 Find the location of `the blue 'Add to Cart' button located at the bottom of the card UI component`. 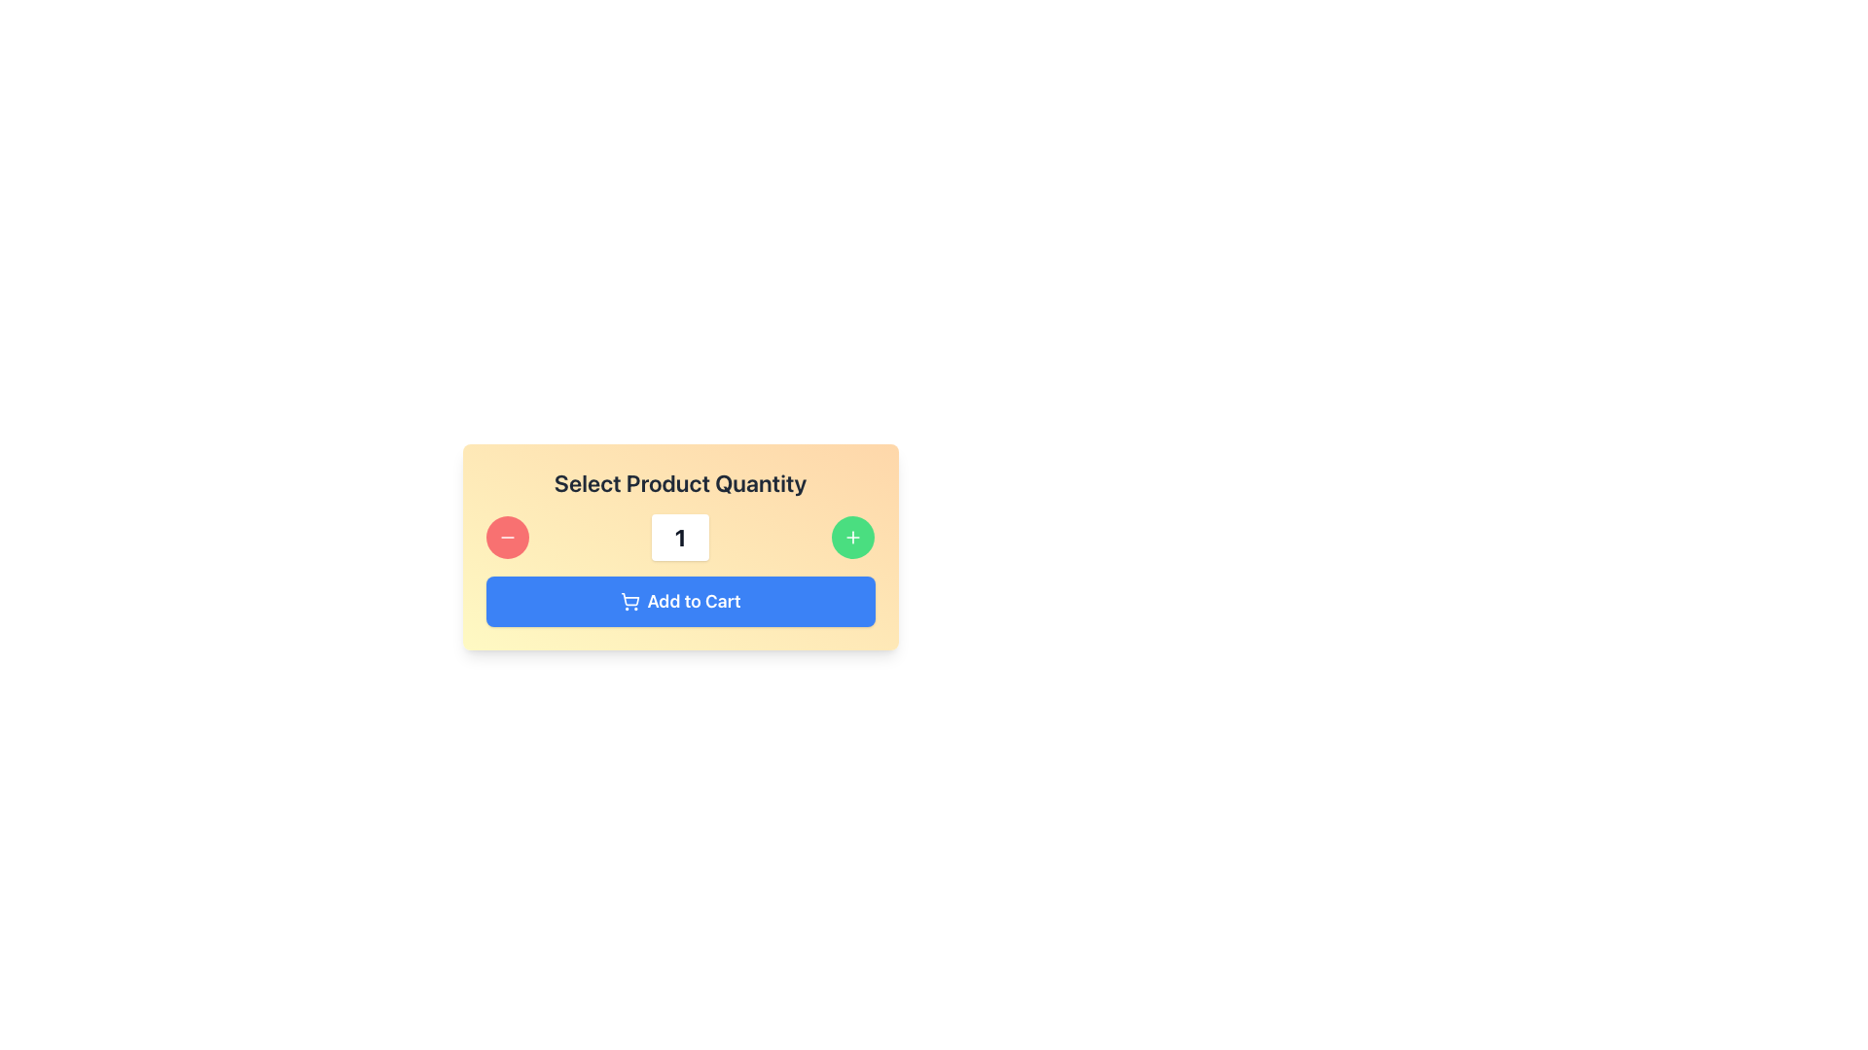

the blue 'Add to Cart' button located at the bottom of the card UI component is located at coordinates (680, 600).